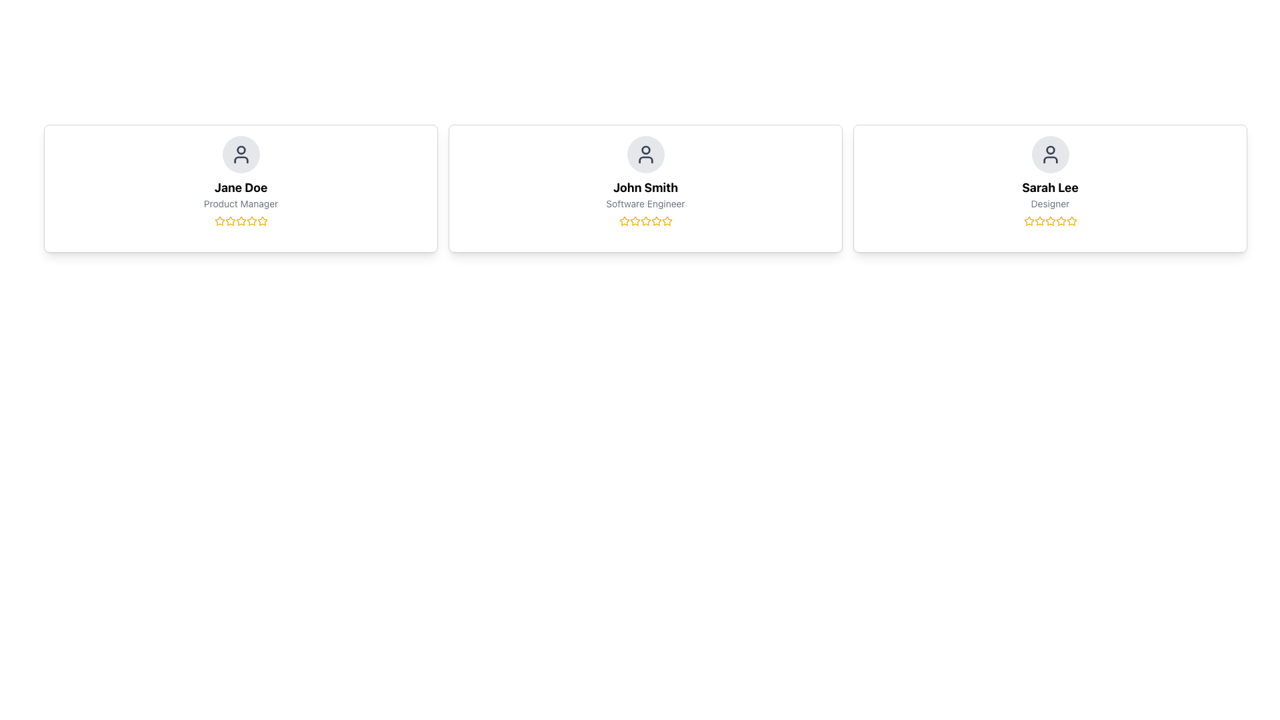 This screenshot has height=720, width=1280. I want to click on the second star in the star rating indicator, so click(241, 220).